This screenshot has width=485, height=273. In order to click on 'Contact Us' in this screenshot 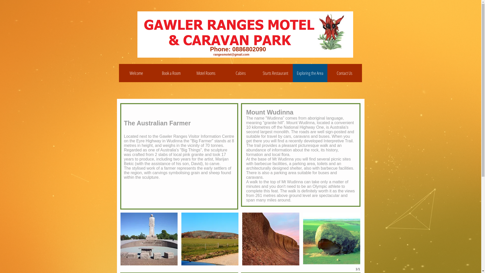, I will do `click(344, 73)`.